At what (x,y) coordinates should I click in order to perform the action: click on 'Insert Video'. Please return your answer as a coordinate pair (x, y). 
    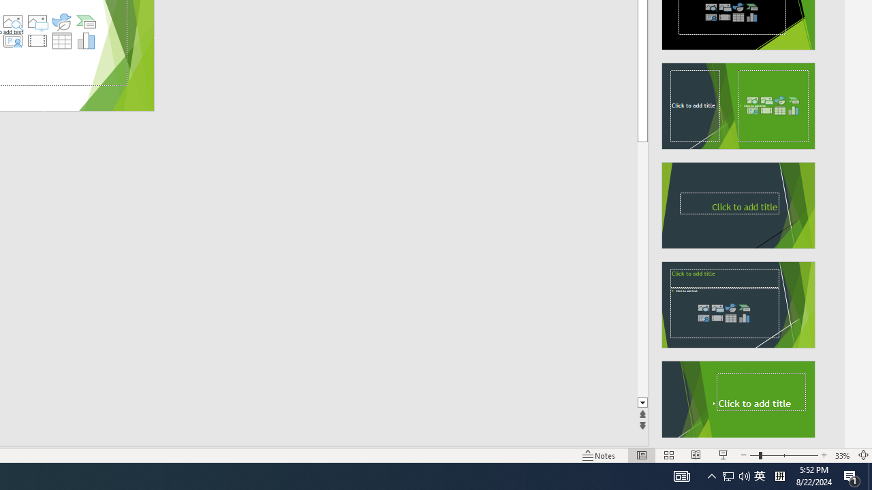
    Looking at the image, I should click on (37, 40).